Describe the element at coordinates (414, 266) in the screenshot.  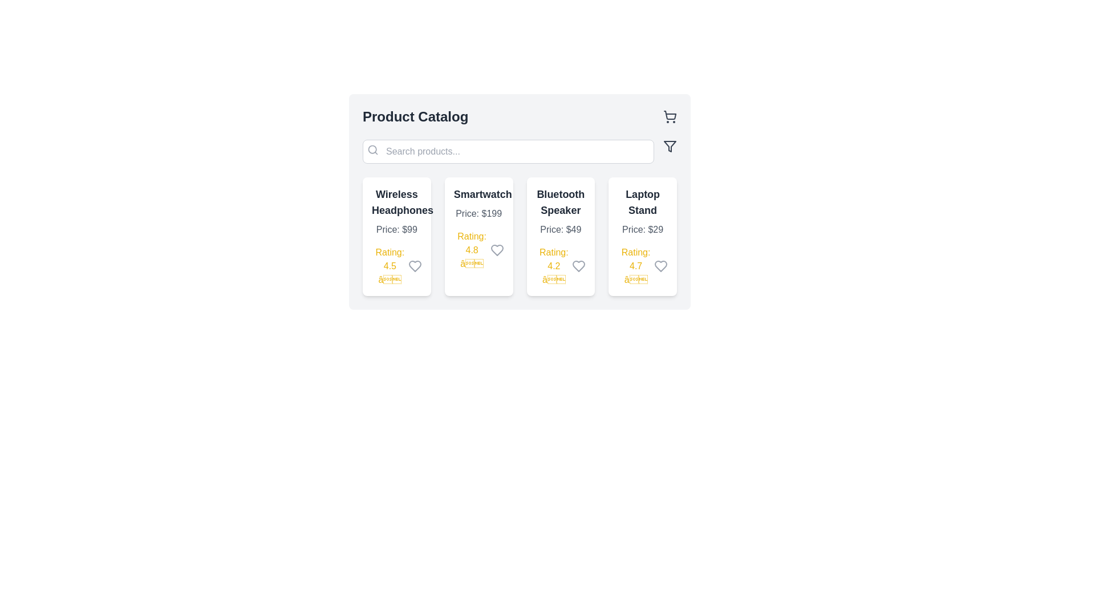
I see `the heart-shaped icon next to the '4.5 ★' rating in the Wireless Headphones product card` at that location.